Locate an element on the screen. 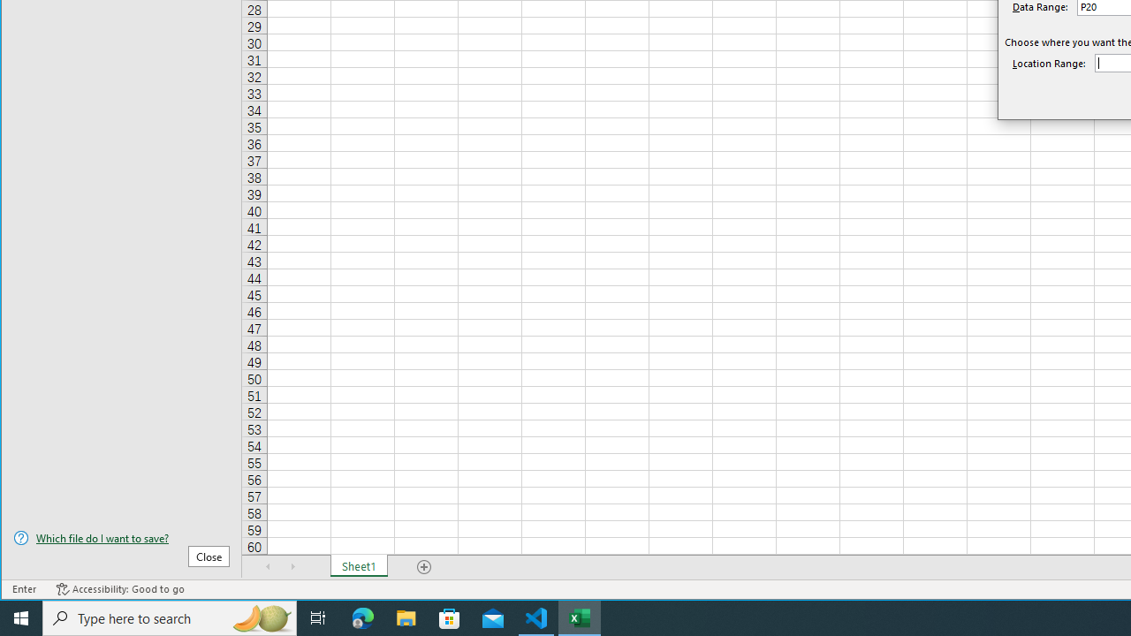  'Type here to search' is located at coordinates (170, 617).